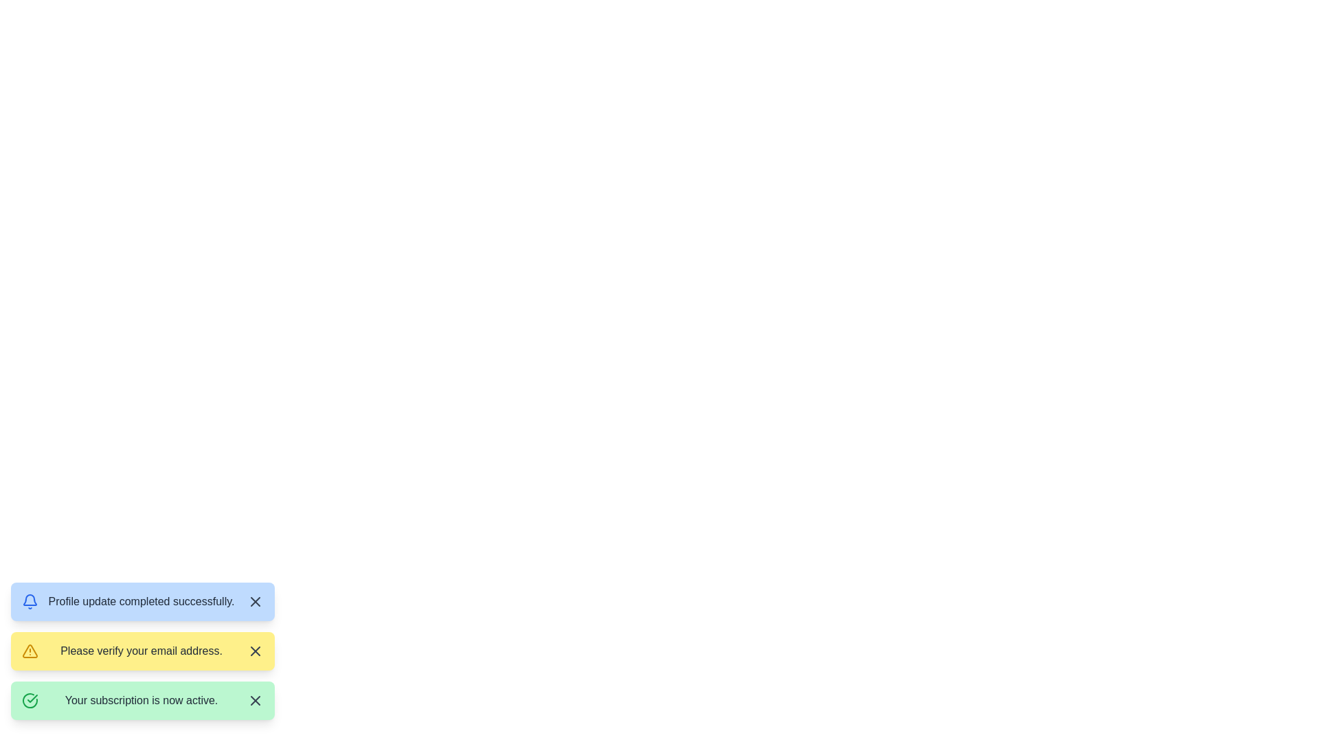 Image resolution: width=1319 pixels, height=742 pixels. Describe the element at coordinates (256, 700) in the screenshot. I see `the small interactive icon with a cross (X) symbol located at the far right end of the green notification box labeled 'Your subscription is now active.'` at that location.